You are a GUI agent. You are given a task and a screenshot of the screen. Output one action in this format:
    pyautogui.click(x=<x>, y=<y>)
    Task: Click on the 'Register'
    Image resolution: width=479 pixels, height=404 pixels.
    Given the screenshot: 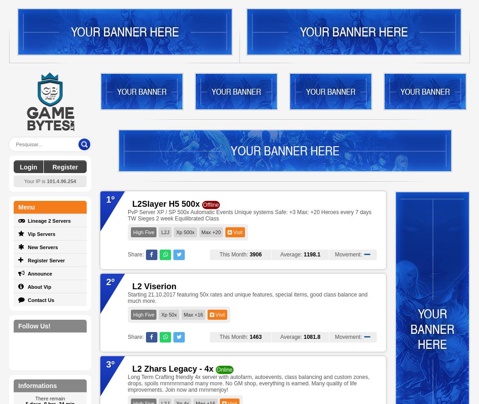 What is the action you would take?
    pyautogui.click(x=64, y=167)
    